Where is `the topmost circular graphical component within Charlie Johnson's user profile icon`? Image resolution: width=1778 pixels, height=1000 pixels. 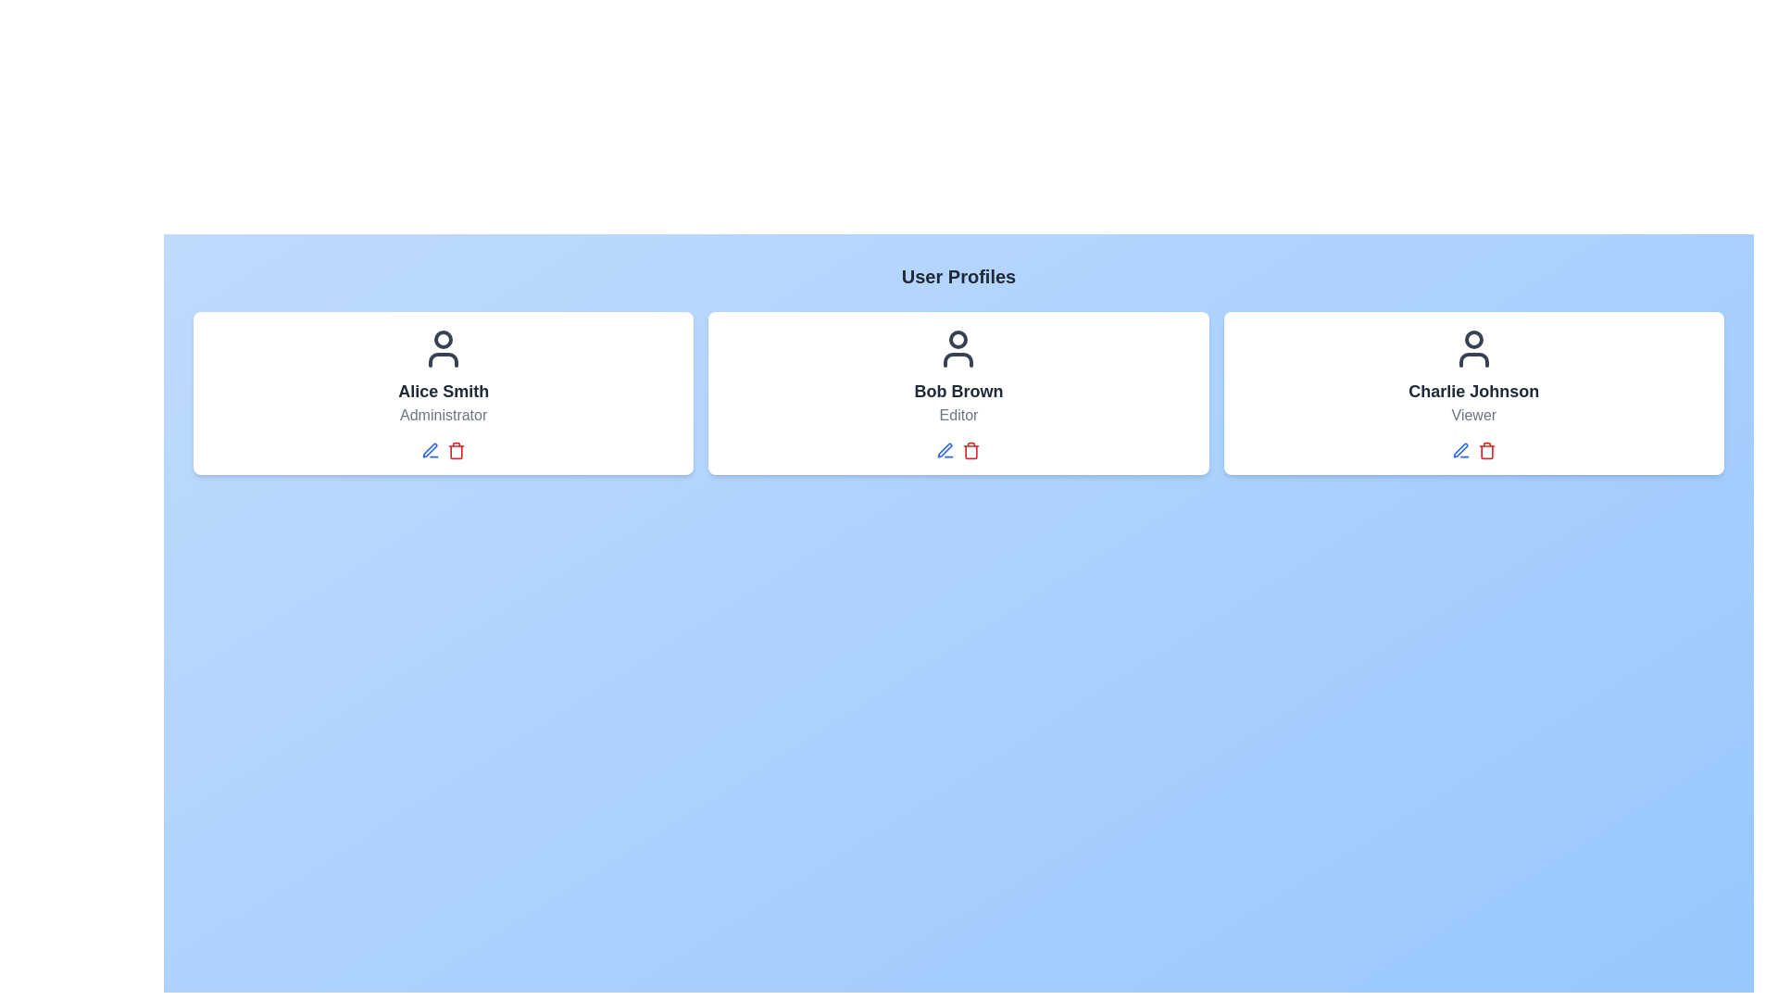
the topmost circular graphical component within Charlie Johnson's user profile icon is located at coordinates (1472, 339).